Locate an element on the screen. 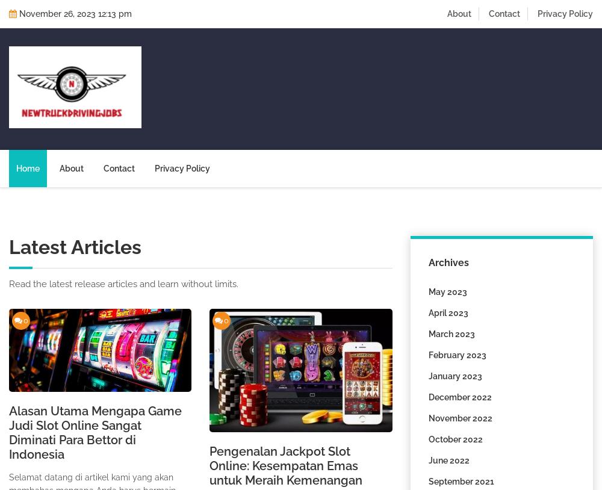 This screenshot has width=602, height=490. 'May 2023' is located at coordinates (427, 291).